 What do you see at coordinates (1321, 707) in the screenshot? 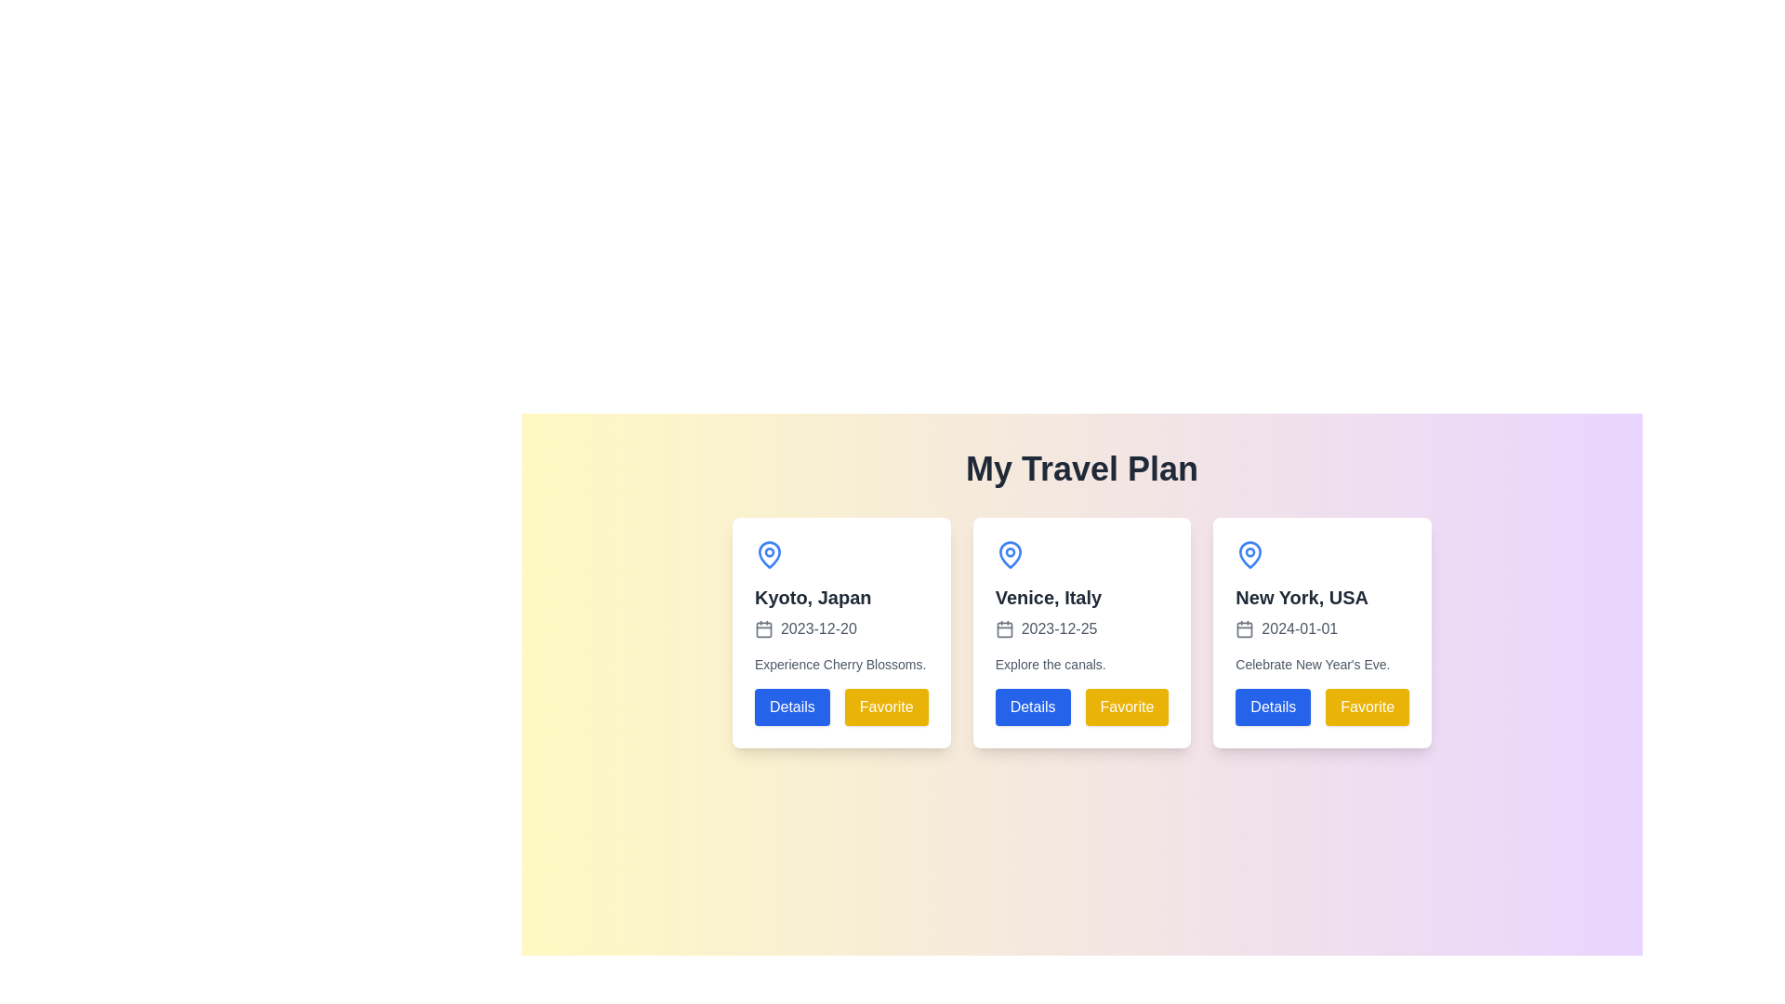
I see `the 'Favorite' button in the button group of the 'New York, USA' card to mark the event as a favorite` at bounding box center [1321, 707].